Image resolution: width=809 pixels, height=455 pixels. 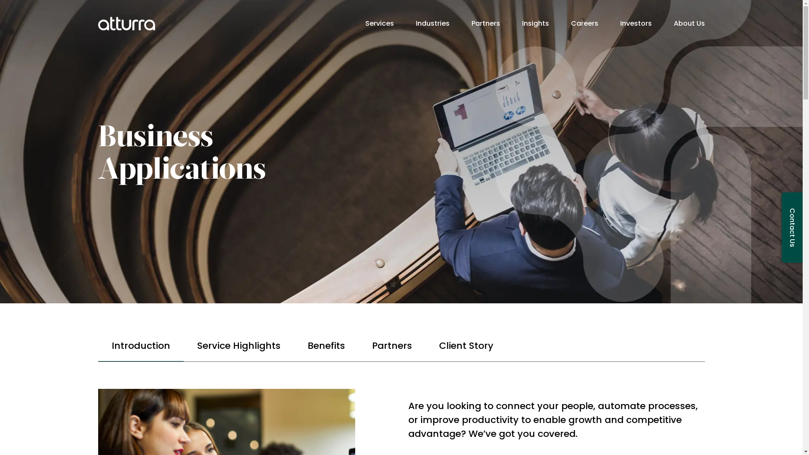 What do you see at coordinates (636, 23) in the screenshot?
I see `'Investors'` at bounding box center [636, 23].